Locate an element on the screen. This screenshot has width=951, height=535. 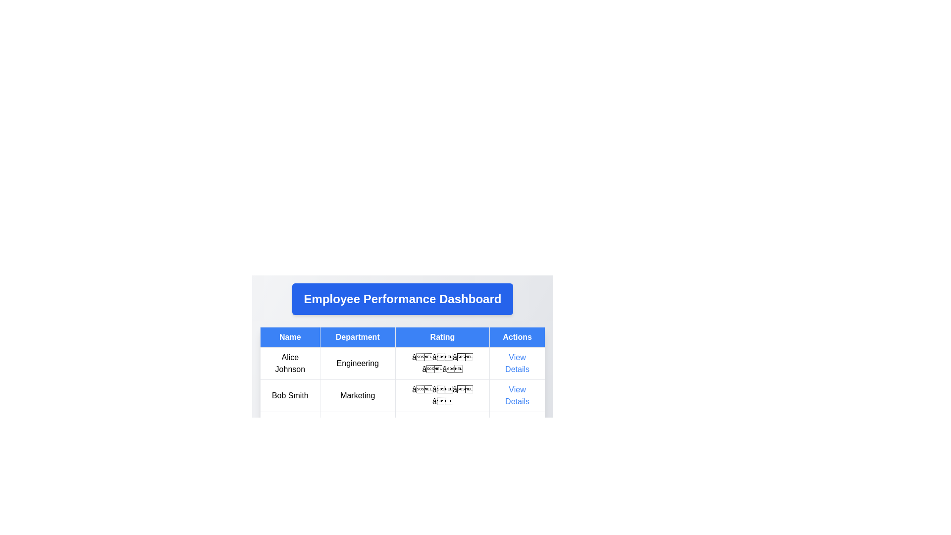
the hyperlink in the 'Actions' column for 'Alice Johnson' is located at coordinates (517, 363).